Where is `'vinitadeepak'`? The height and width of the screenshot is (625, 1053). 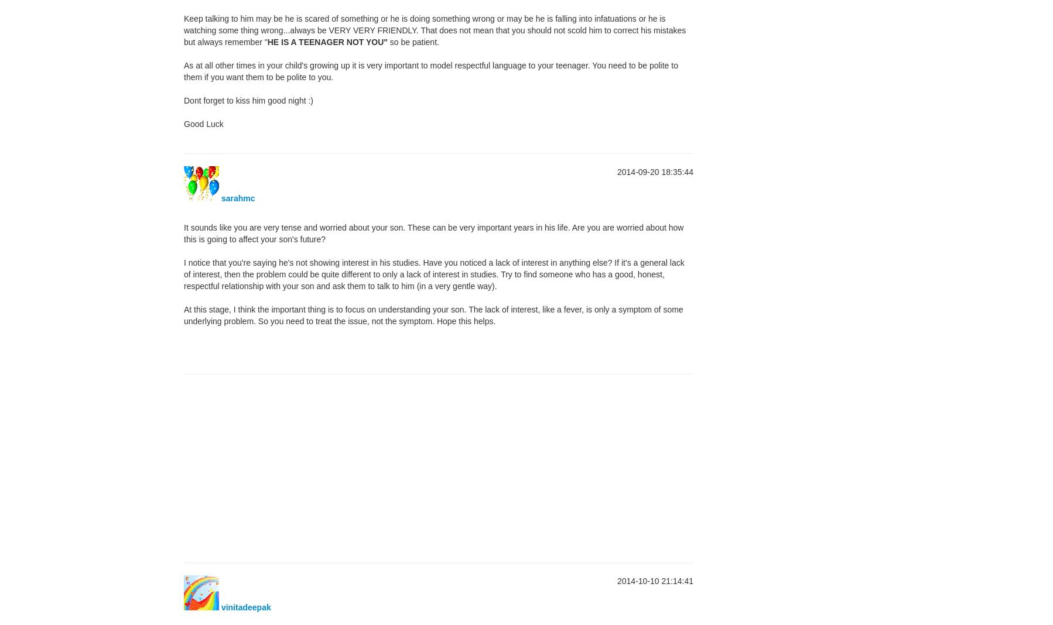 'vinitadeepak' is located at coordinates (245, 607).